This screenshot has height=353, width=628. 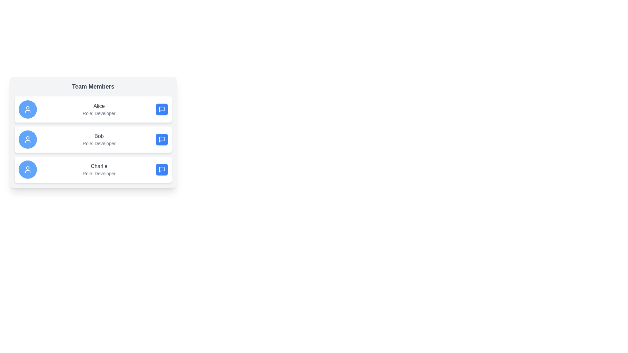 What do you see at coordinates (162, 109) in the screenshot?
I see `the blue chat bubble SVG icon located within the third button on the right side of the 'Alice' card` at bounding box center [162, 109].